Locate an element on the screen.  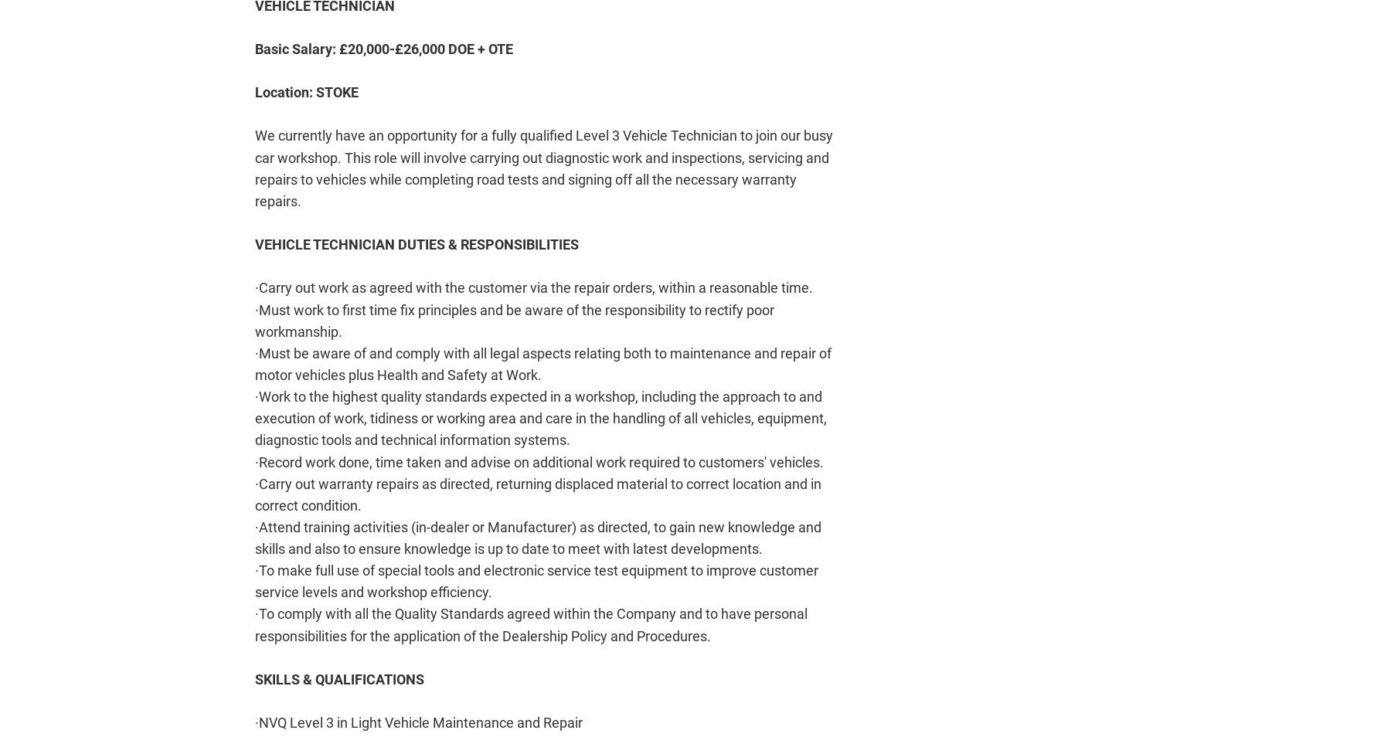
'VEHICLE TECHNICIAN DUTIES & RESPONSIBILITIES' is located at coordinates (416, 245).